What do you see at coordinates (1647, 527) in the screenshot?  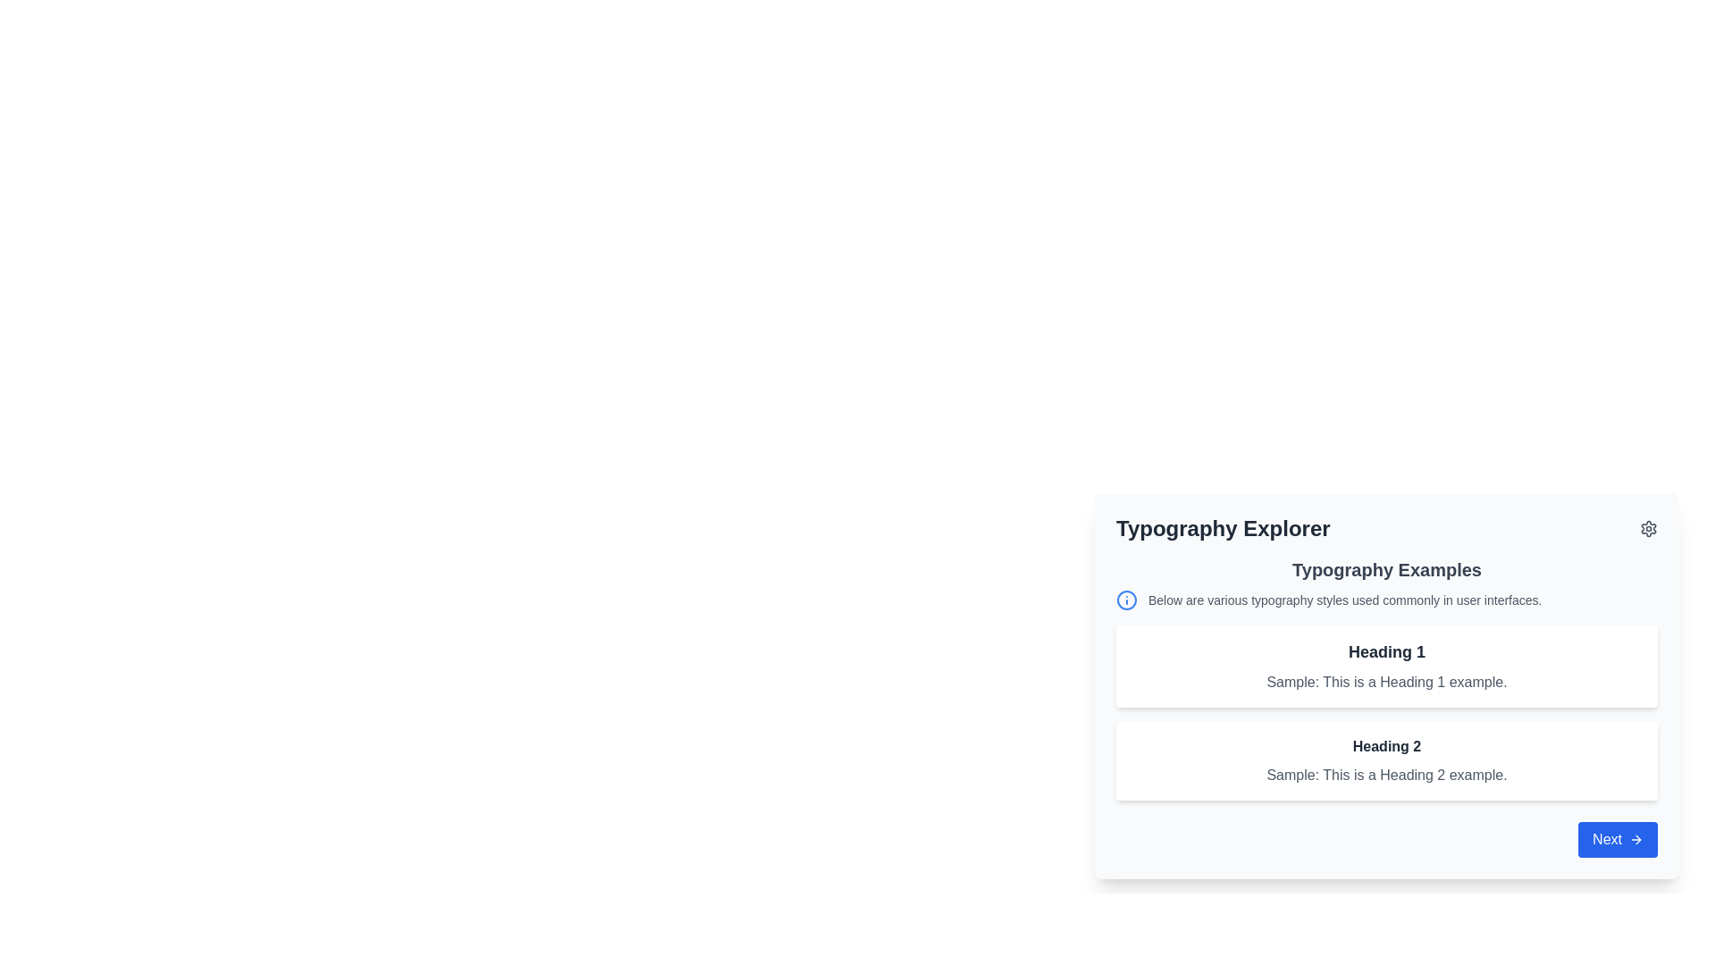 I see `the outlined gray gear icon located on the far-right of the title bar of the 'Typography Explorer' box` at bounding box center [1647, 527].